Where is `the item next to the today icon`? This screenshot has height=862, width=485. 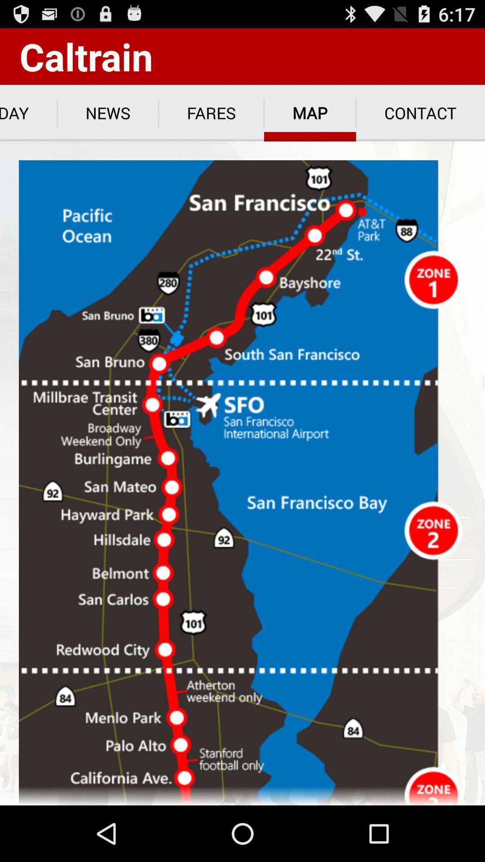 the item next to the today icon is located at coordinates (107, 113).